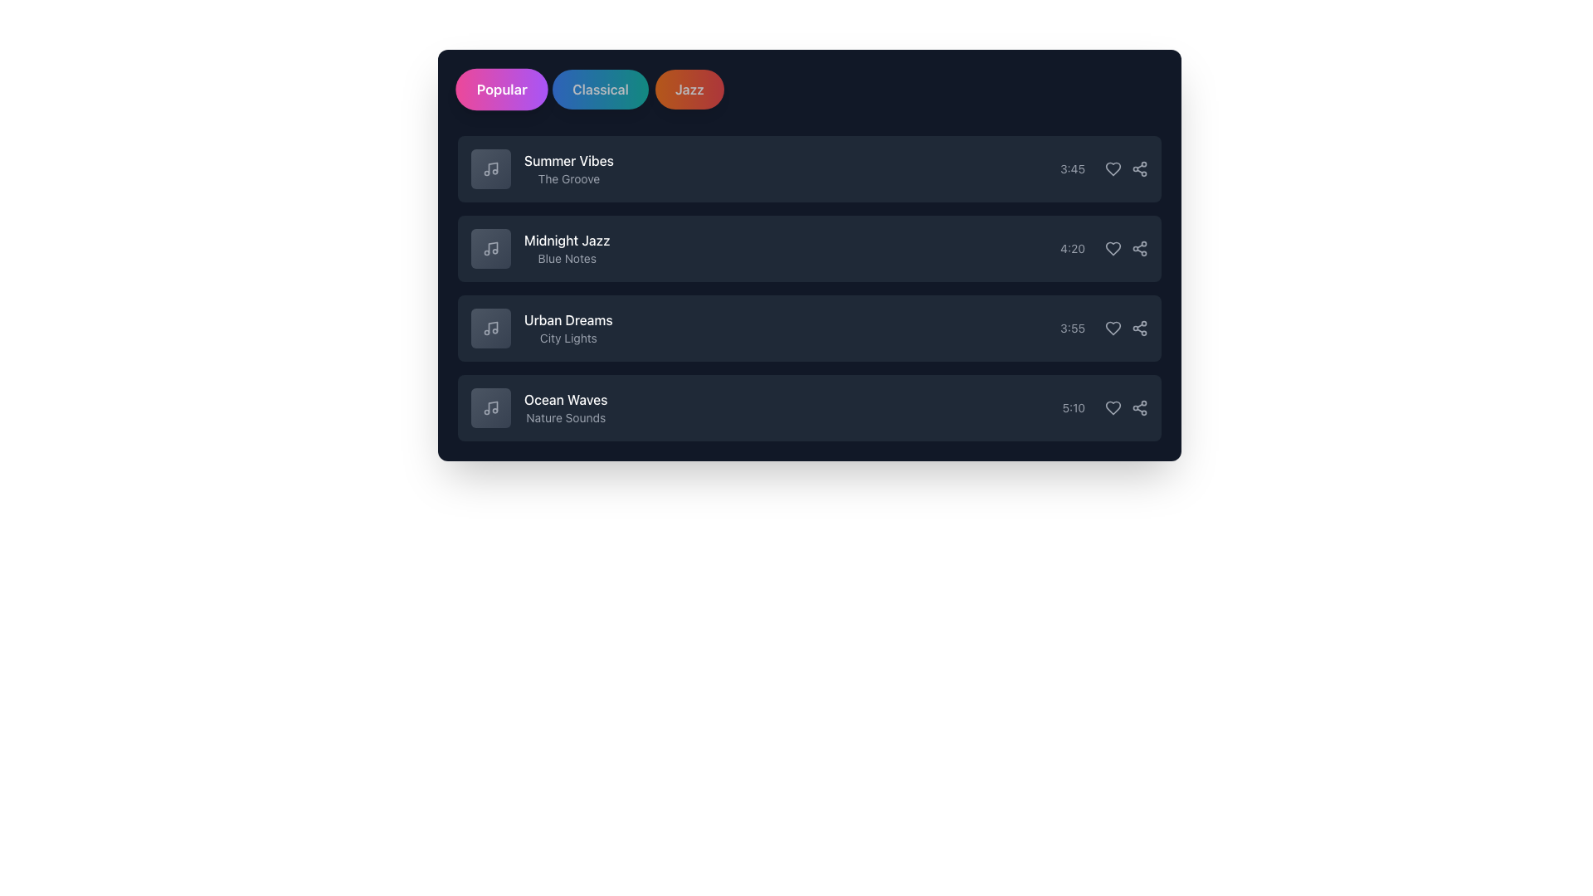 Image resolution: width=1593 pixels, height=896 pixels. What do you see at coordinates (566, 408) in the screenshot?
I see `the text block representing the information about a specific music or sound track, located fourth in a vertical list, to the right of the music icon and left of the duration value and action buttons` at bounding box center [566, 408].